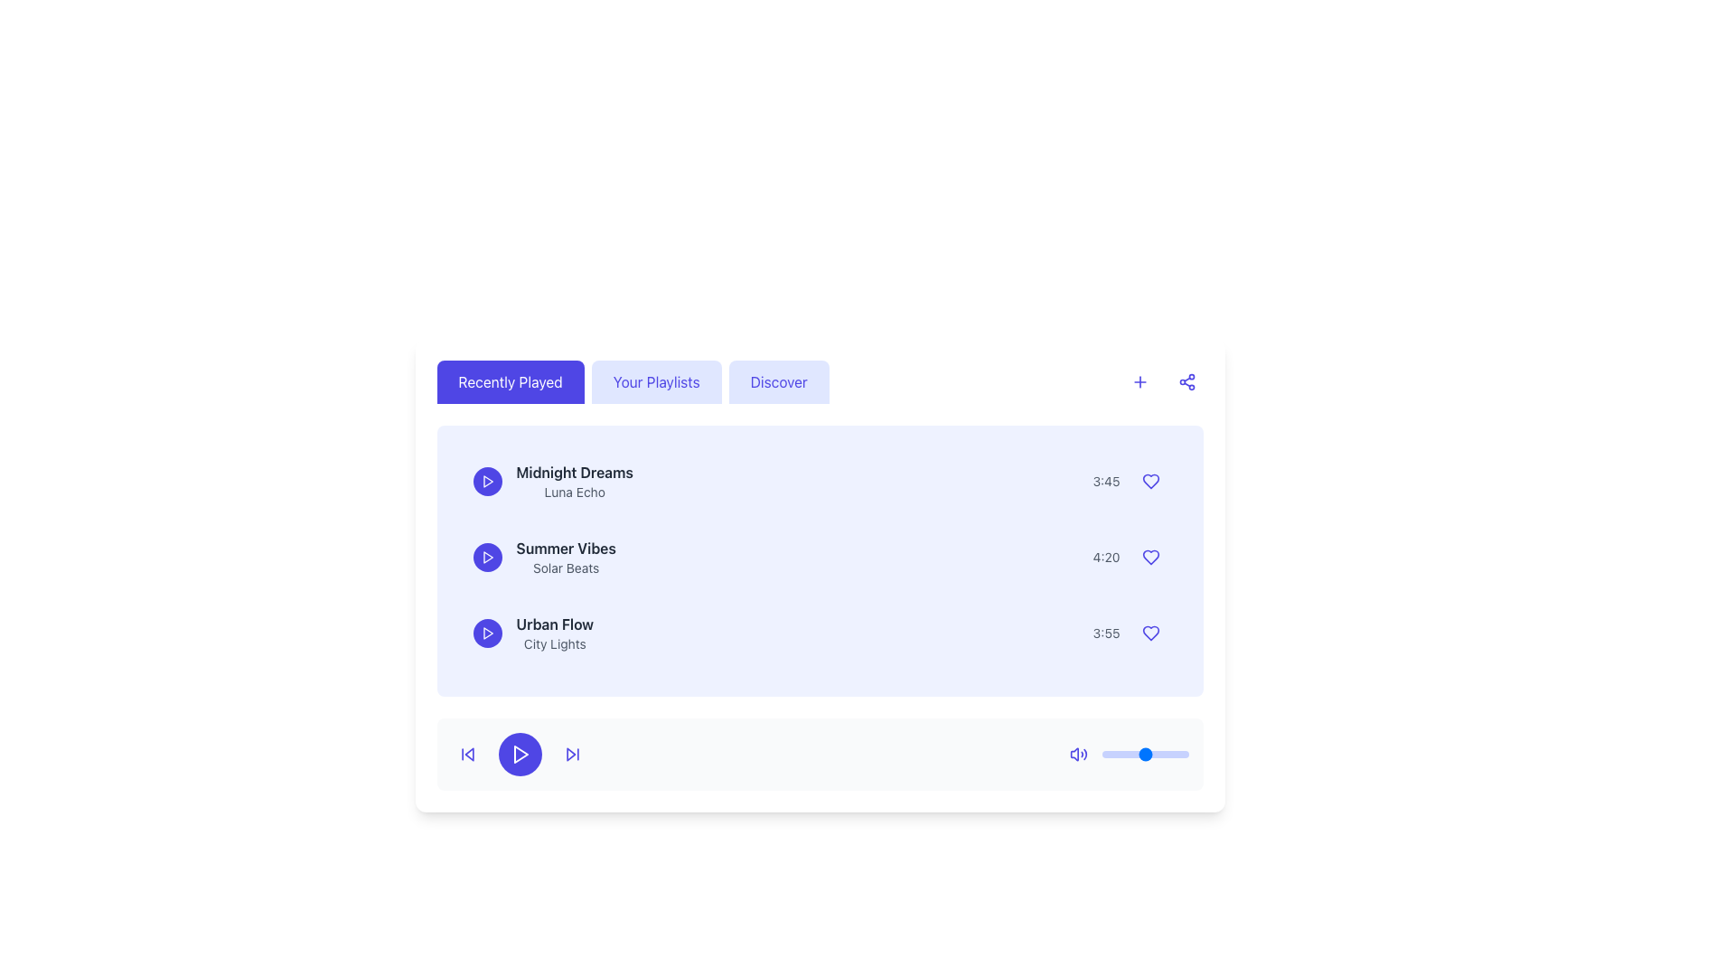 The height and width of the screenshot is (976, 1735). Describe the element at coordinates (1135, 754) in the screenshot. I see `the slider` at that location.